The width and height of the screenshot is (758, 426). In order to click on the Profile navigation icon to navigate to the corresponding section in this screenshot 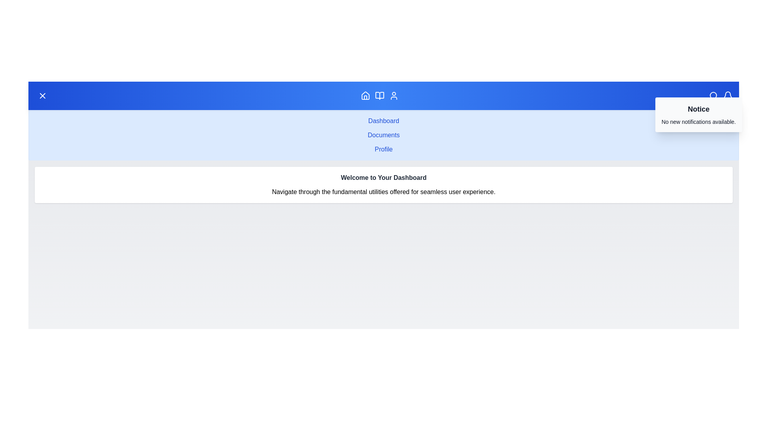, I will do `click(394, 95)`.